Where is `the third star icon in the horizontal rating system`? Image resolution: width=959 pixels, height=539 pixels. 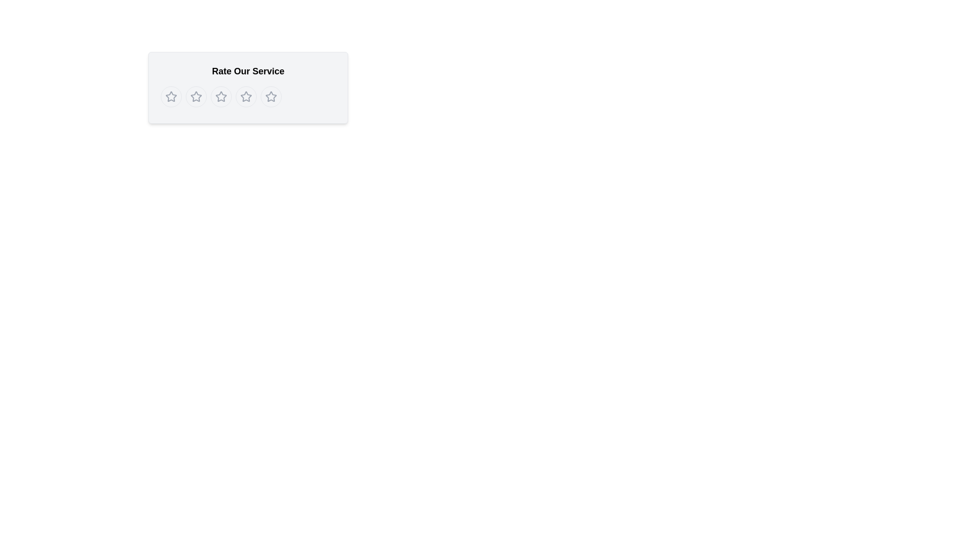 the third star icon in the horizontal rating system is located at coordinates (220, 96).